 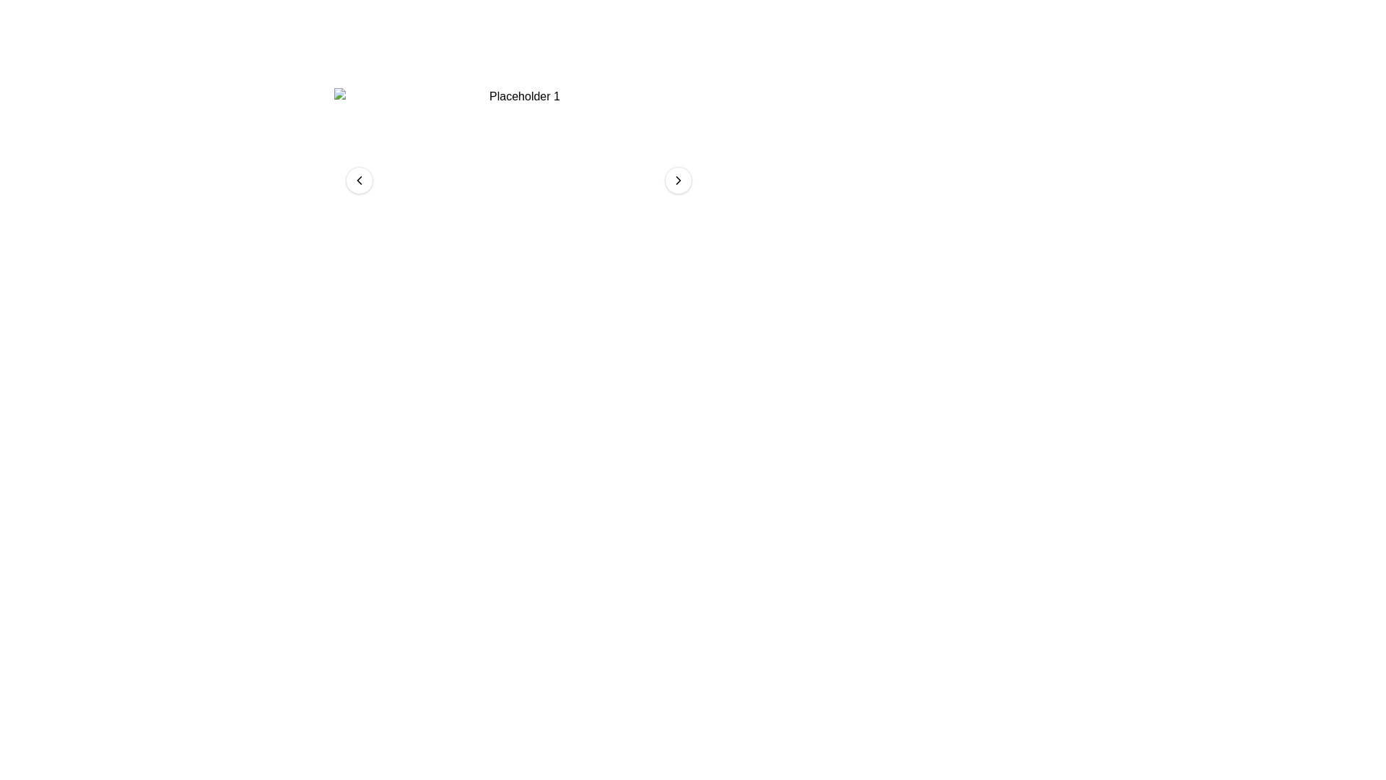 What do you see at coordinates (678, 180) in the screenshot?
I see `the circular button with a white background and a right-facing chevron arrow symbol` at bounding box center [678, 180].